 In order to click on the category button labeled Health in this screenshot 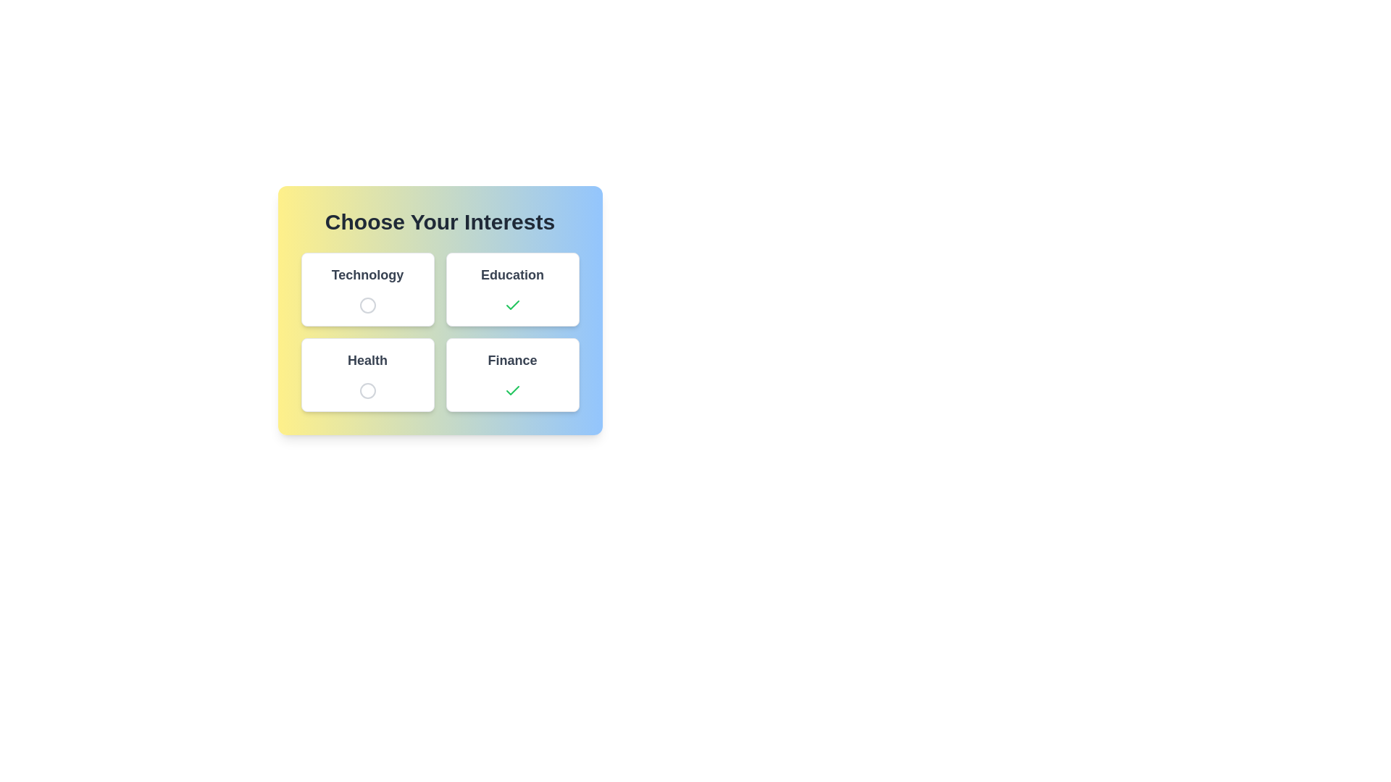, I will do `click(367, 374)`.